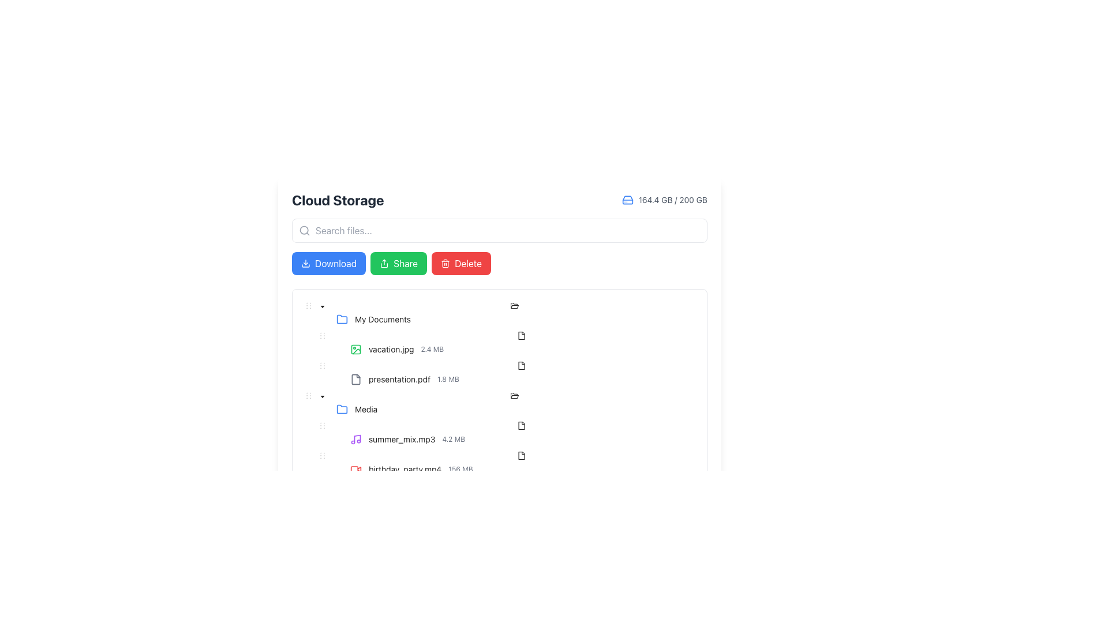 Image resolution: width=1108 pixels, height=623 pixels. I want to click on the Collapse/Expand toggle button located to the immediate left of the 'My Documents' folder text, so click(322, 313).